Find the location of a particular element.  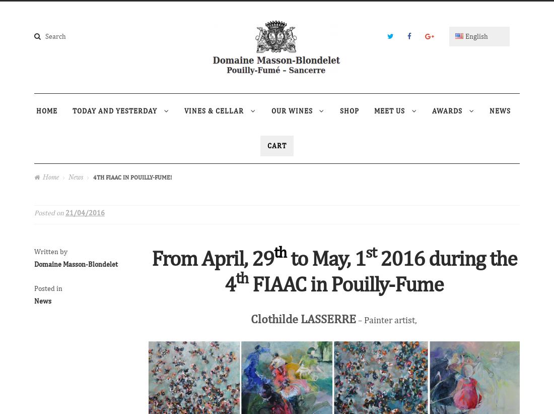

'Clothilde LASSERRE' is located at coordinates (303, 319).